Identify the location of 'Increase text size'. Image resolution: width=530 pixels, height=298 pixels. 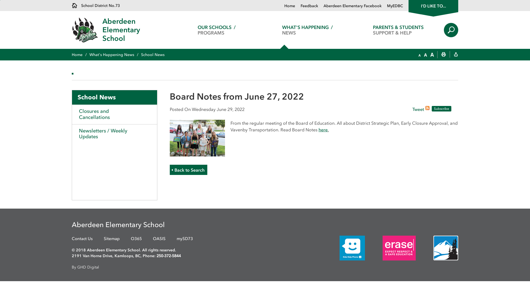
(432, 55).